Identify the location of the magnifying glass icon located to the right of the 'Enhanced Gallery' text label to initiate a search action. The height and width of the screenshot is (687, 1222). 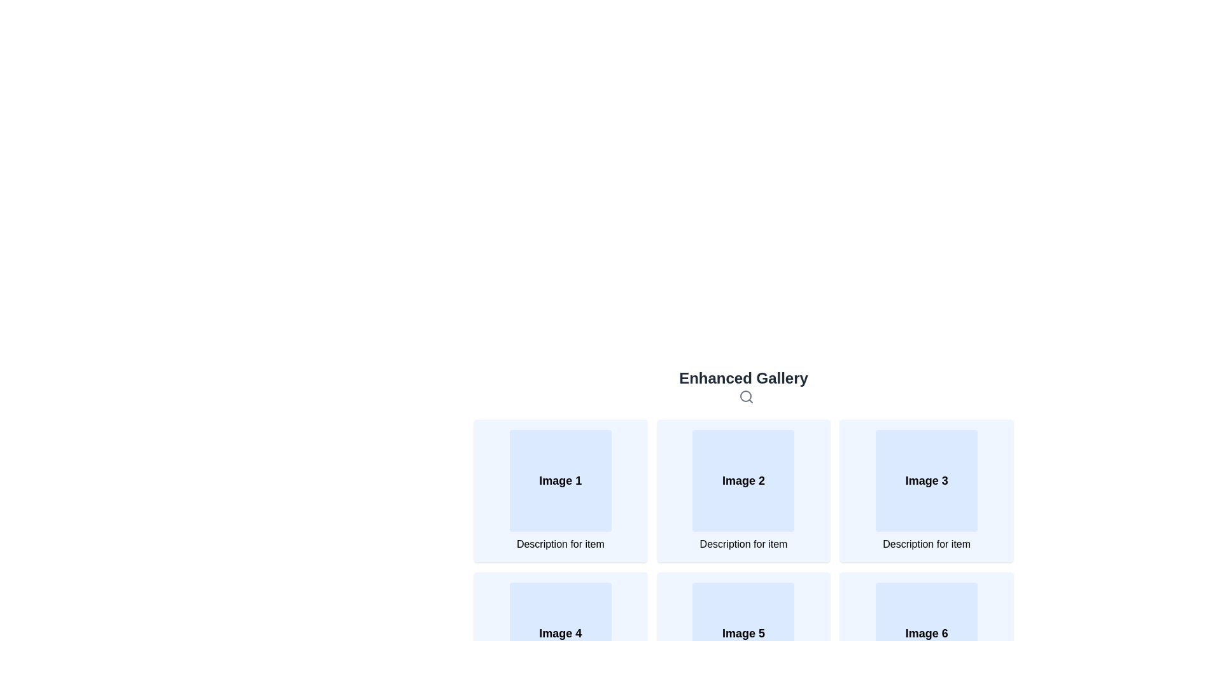
(746, 396).